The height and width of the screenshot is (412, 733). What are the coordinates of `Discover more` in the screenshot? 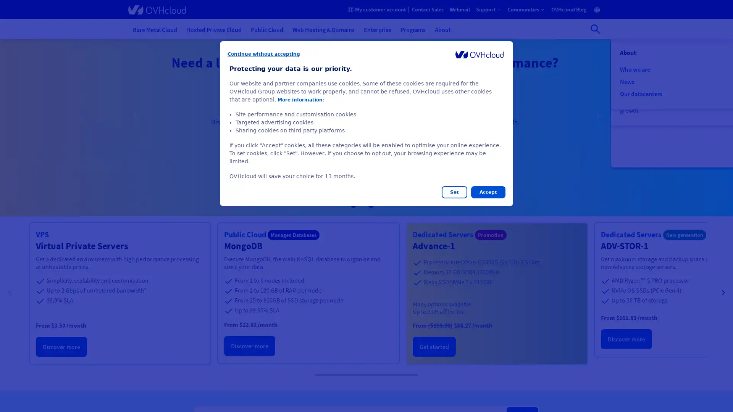 It's located at (61, 347).